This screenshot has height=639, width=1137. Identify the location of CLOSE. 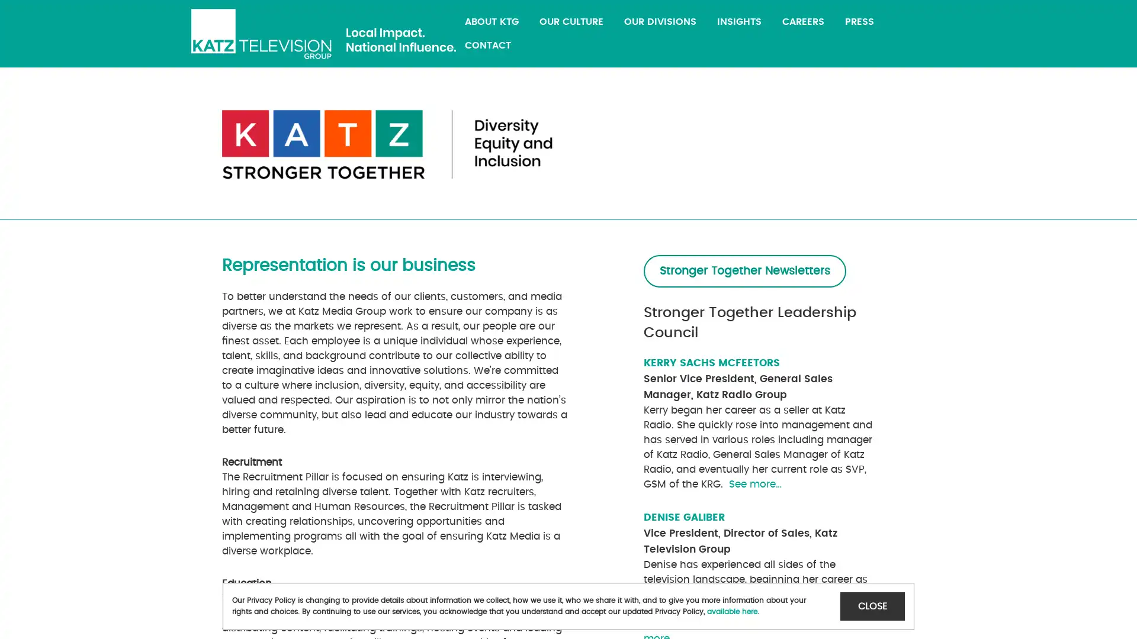
(872, 606).